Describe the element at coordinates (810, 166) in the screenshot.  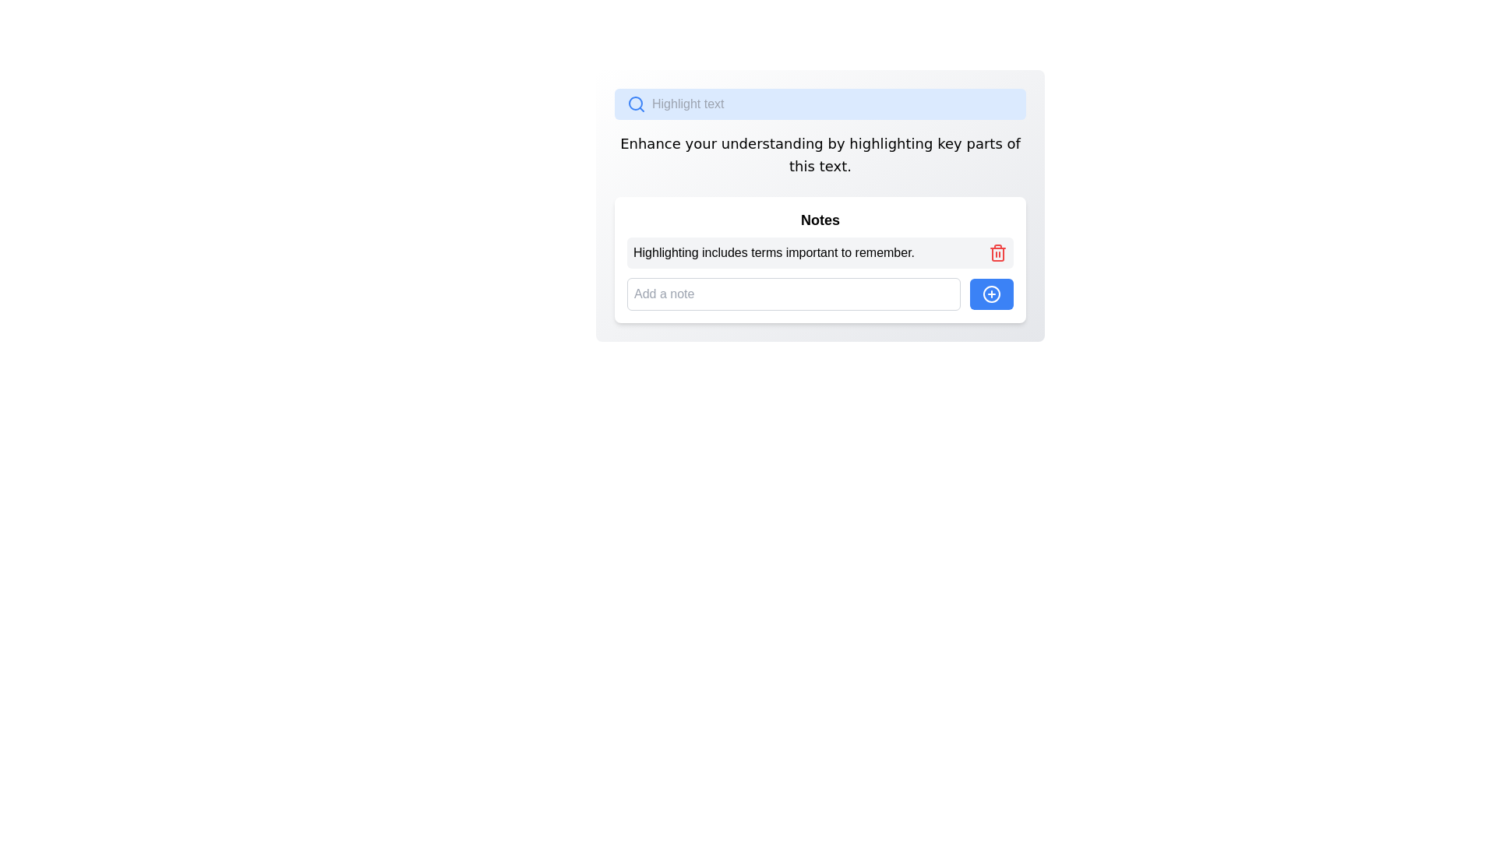
I see `the last character in the word 'this' within the paragraph of text, located towards the center-top region of the interface` at that location.